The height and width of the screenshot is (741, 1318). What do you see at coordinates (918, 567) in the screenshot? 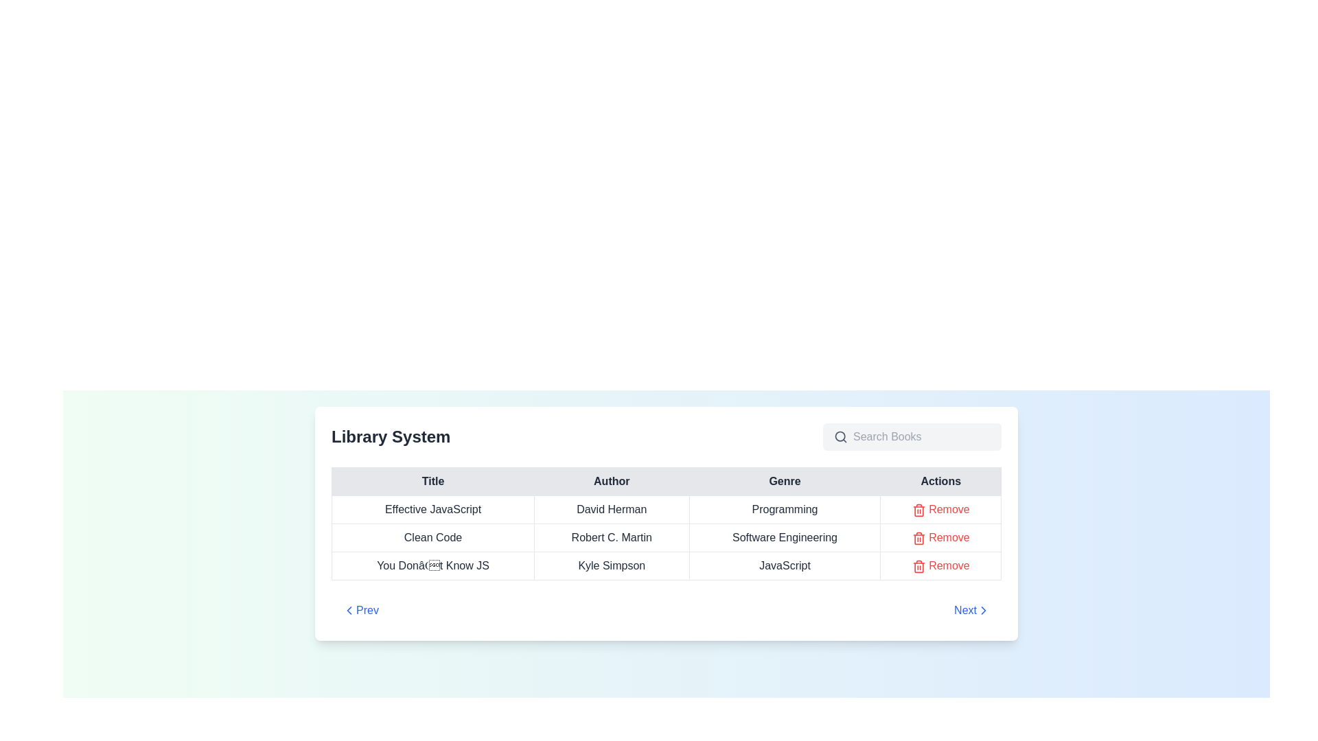
I see `the delete icon/button located in the rightmost column labeled 'Actions' of the table, adjacent to the row containing the book title 'You Don’t Know JS', which is the third instance in that column` at bounding box center [918, 567].